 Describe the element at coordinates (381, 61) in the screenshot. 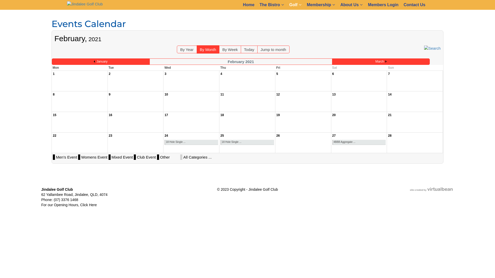

I see `'March'` at that location.